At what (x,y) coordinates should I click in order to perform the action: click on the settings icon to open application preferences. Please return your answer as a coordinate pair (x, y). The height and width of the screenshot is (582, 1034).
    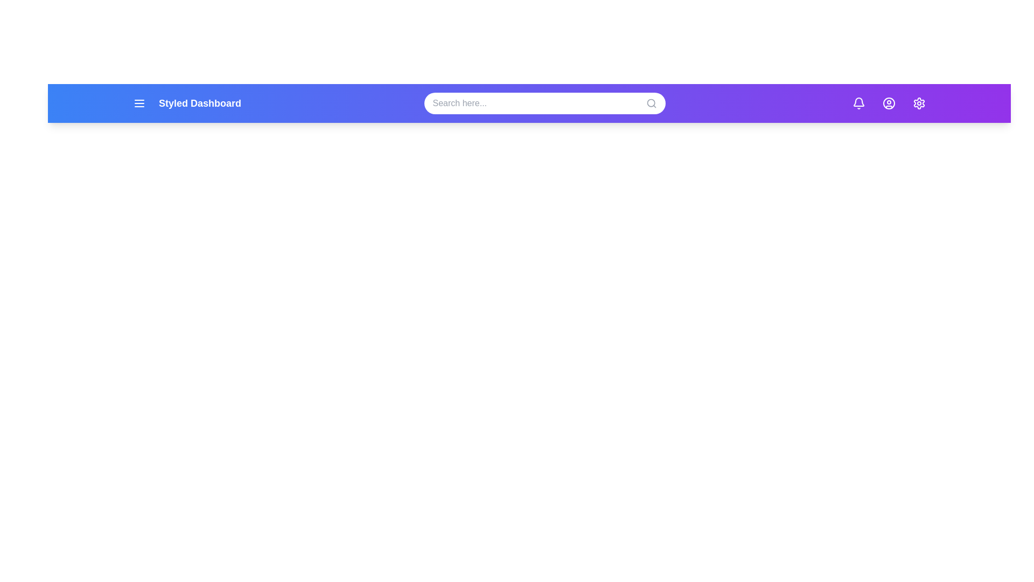
    Looking at the image, I should click on (919, 103).